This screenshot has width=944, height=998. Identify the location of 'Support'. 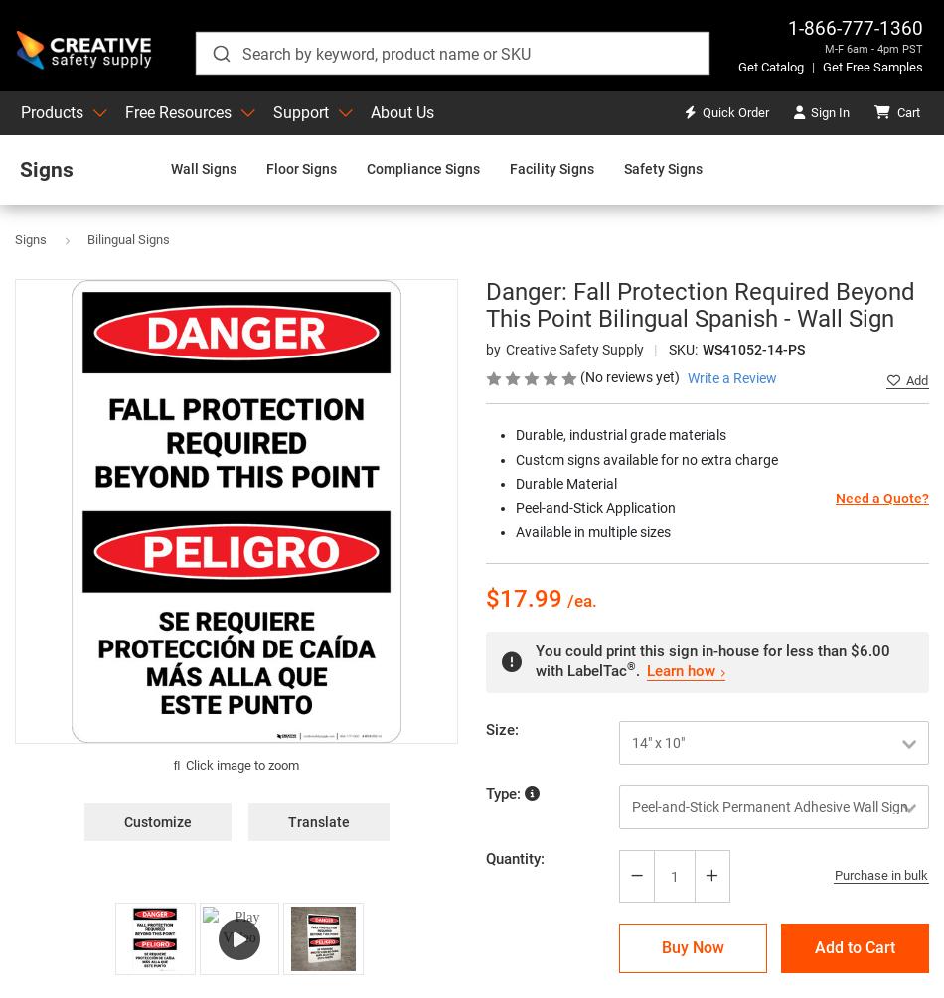
(299, 112).